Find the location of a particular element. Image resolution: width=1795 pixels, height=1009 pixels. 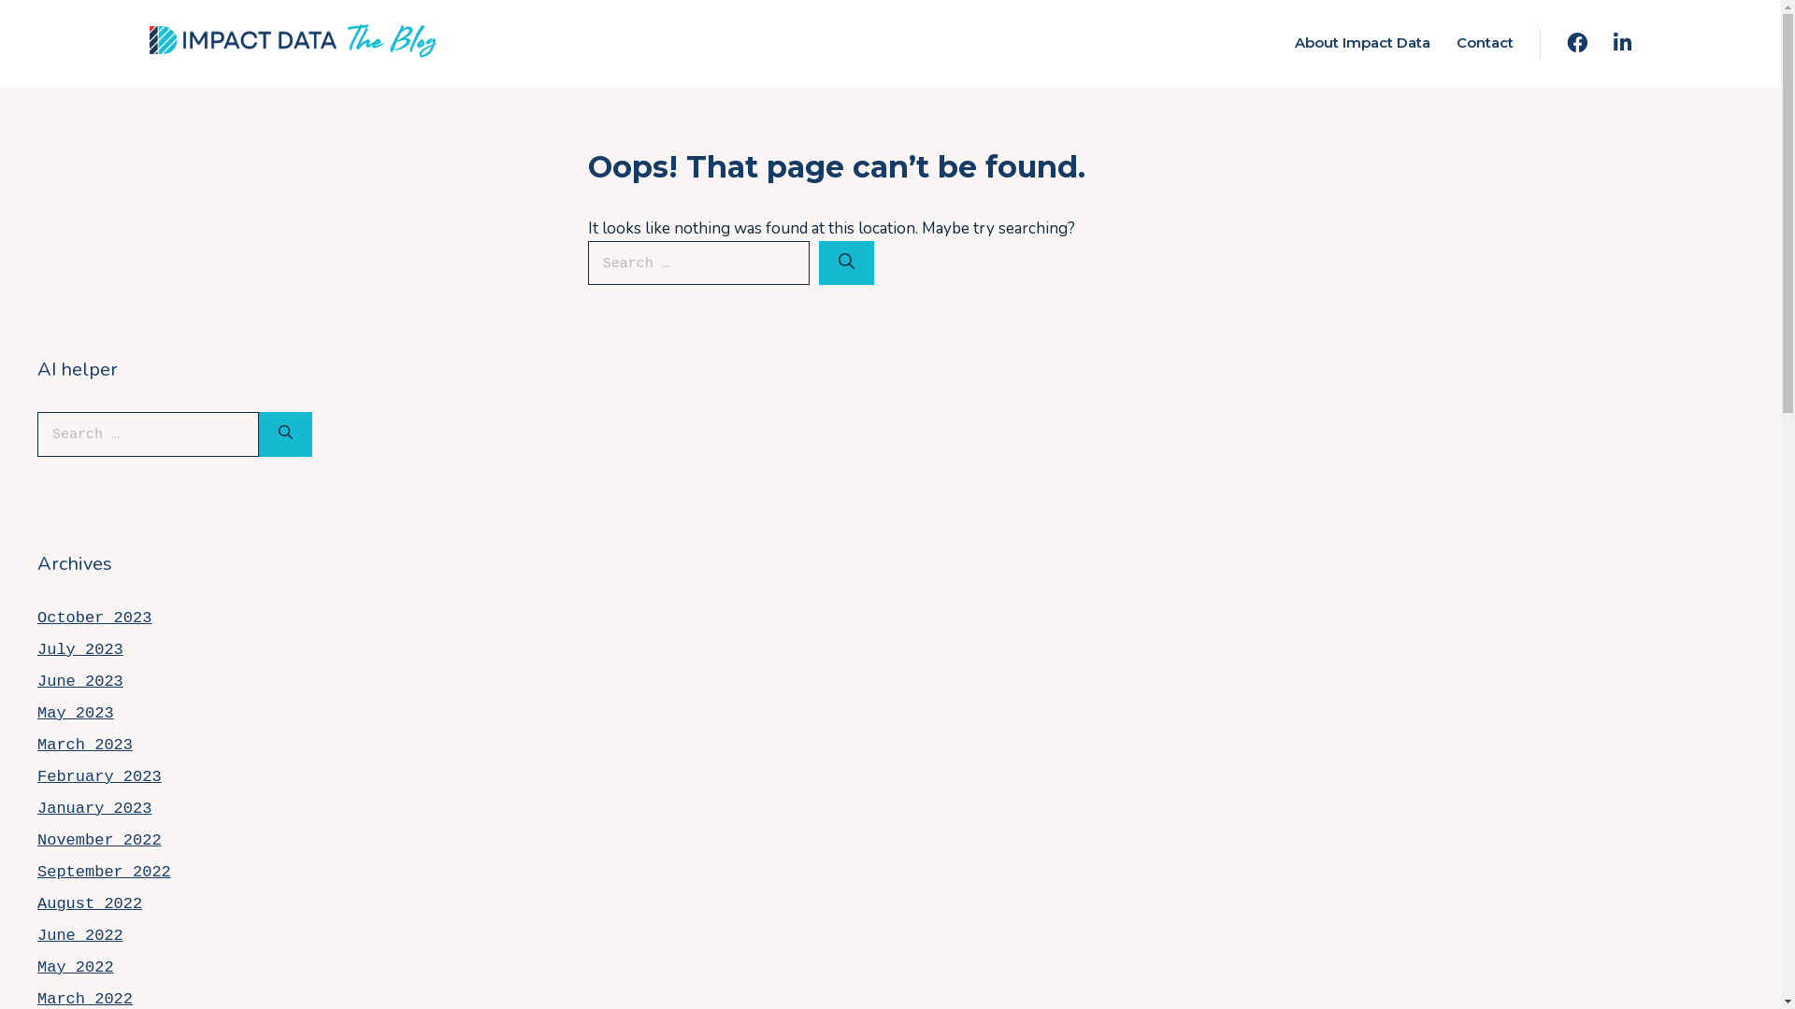

'November 2022' is located at coordinates (36, 839).